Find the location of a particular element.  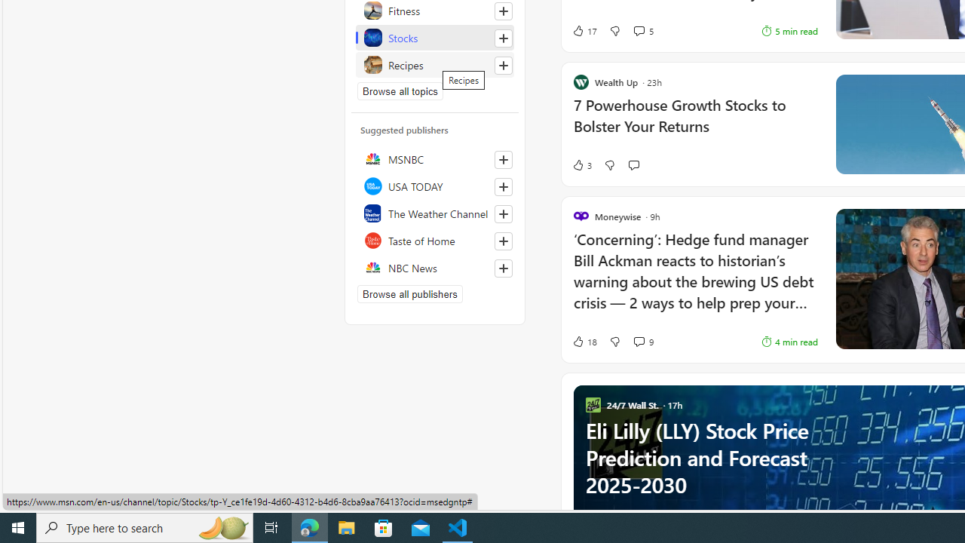

'View comments 5 Comment' is located at coordinates (643, 31).